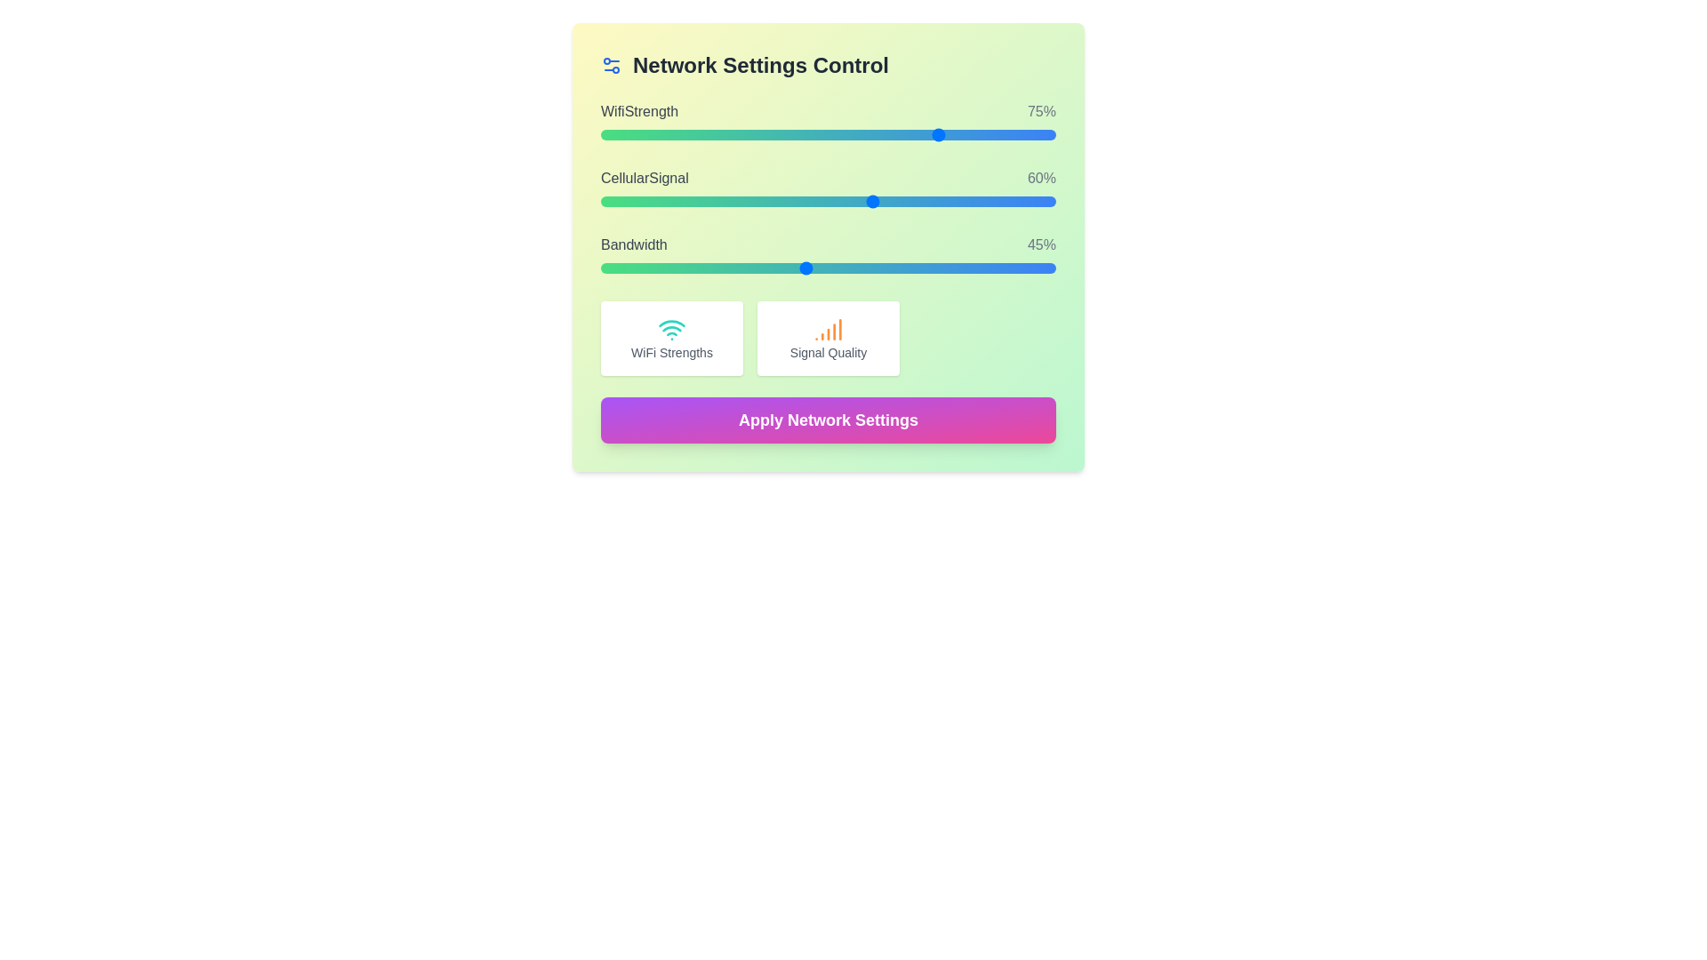  What do you see at coordinates (760, 64) in the screenshot?
I see `the 'Network Settings Control' text label which is styled in large bold dark gray font against a light green gradient background, positioned at the top of the section` at bounding box center [760, 64].